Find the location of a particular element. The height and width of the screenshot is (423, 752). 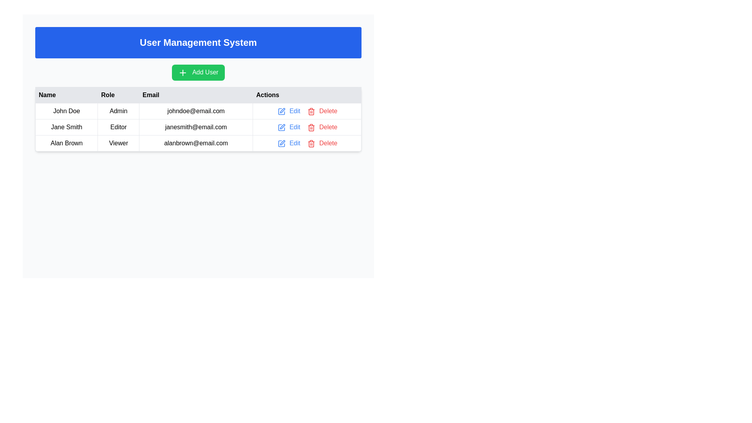

the trash can icon within the 'Delete' button to initiate the deletion of the corresponding user record is located at coordinates (311, 111).